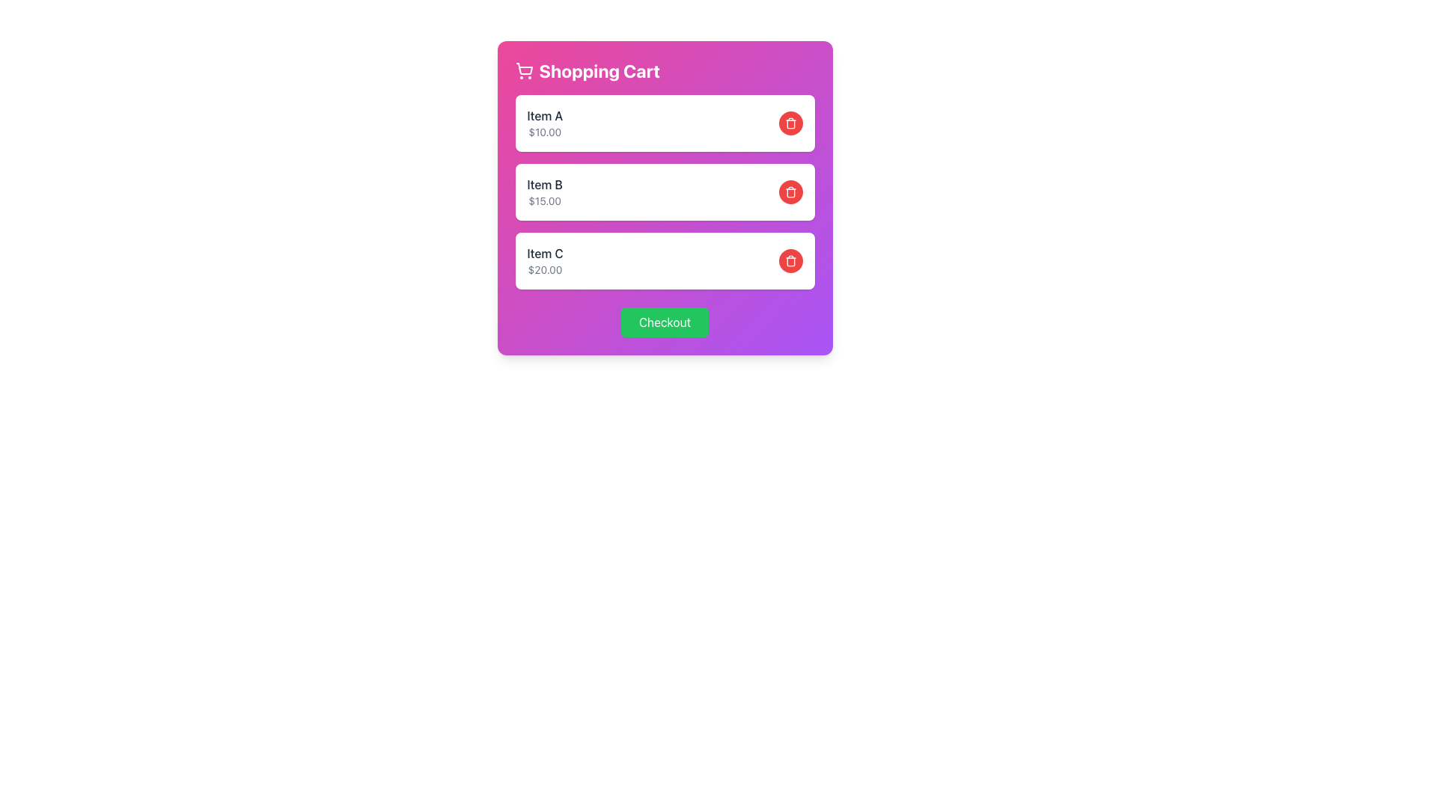 The height and width of the screenshot is (808, 1437). Describe the element at coordinates (790, 192) in the screenshot. I see `the trash bin icon button with a red circular background located to the right of 'Item B' in the shopping cart` at that location.